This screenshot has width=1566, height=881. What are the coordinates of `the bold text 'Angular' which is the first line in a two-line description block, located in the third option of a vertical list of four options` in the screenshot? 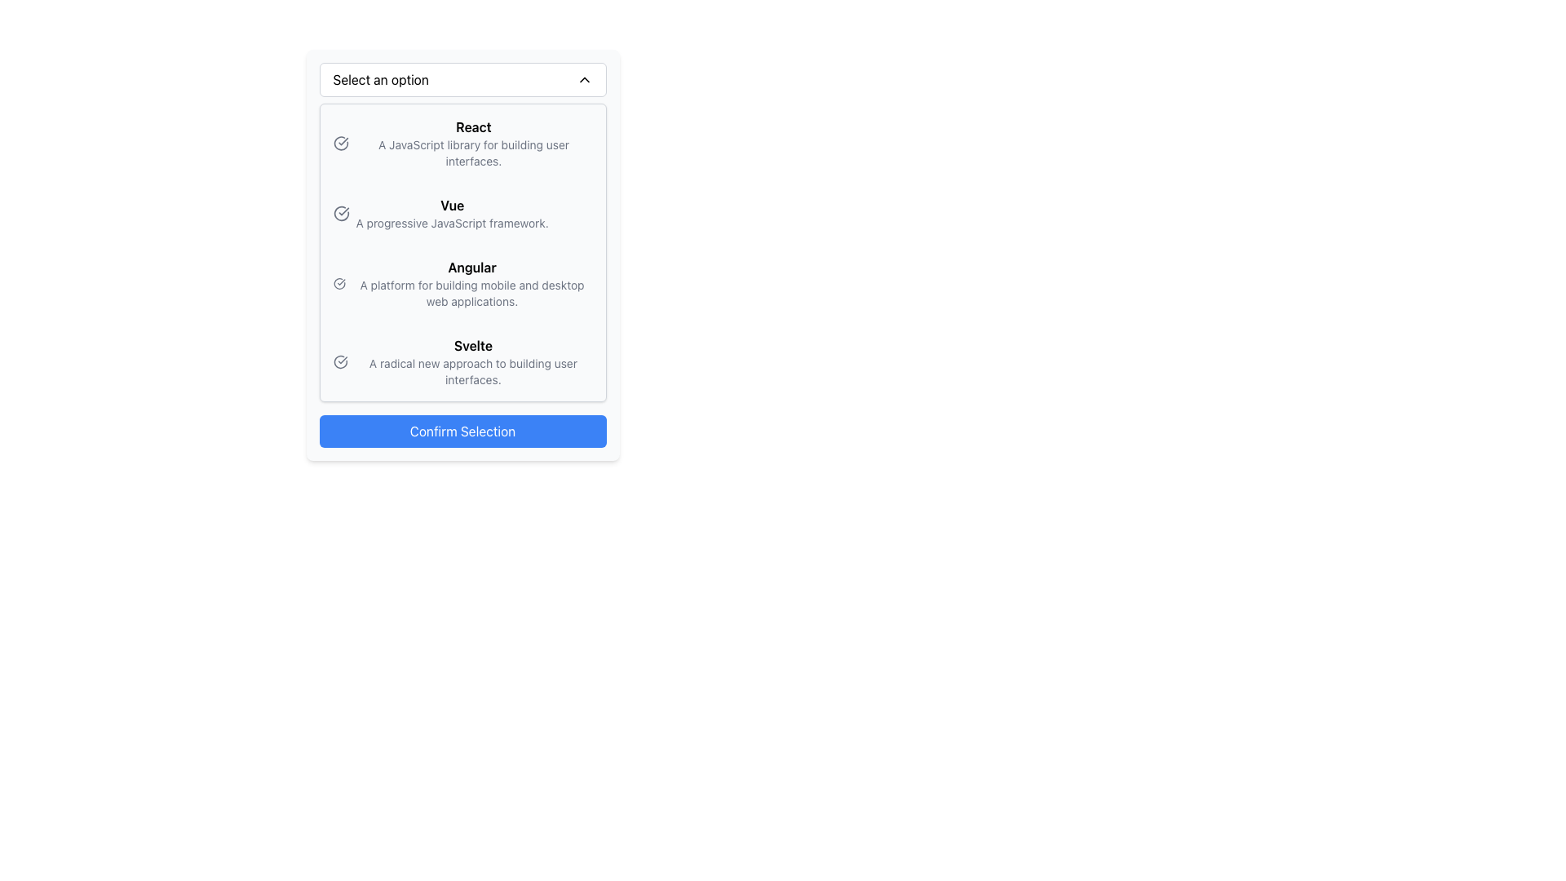 It's located at (471, 266).